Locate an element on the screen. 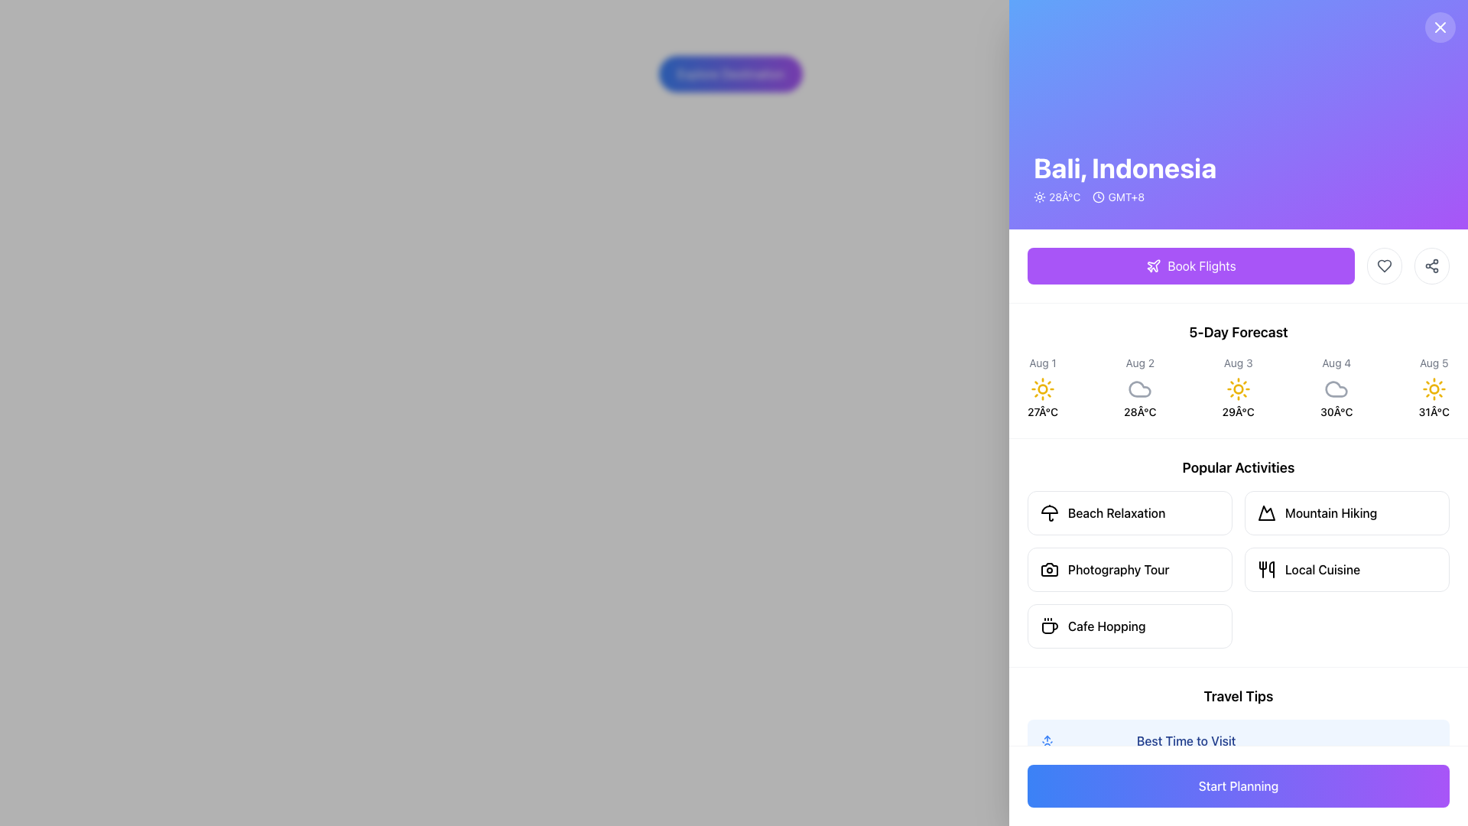 The image size is (1468, 826). the non-interactive text label displaying the forecasted high temperature for 'Aug 4' in degrees Celsius, which is positioned below the weather icon in the 5-day weather forecast section is located at coordinates (1336, 411).